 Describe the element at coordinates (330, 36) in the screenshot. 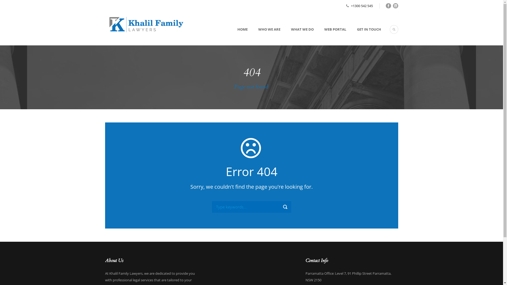

I see `'WEB PORTAL'` at that location.